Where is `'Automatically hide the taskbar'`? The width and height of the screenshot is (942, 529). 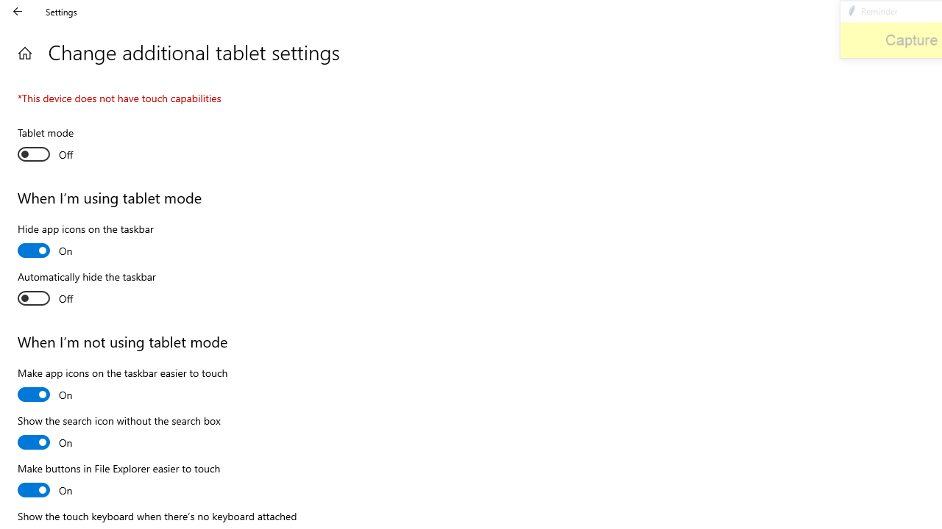 'Automatically hide the taskbar' is located at coordinates (86, 289).